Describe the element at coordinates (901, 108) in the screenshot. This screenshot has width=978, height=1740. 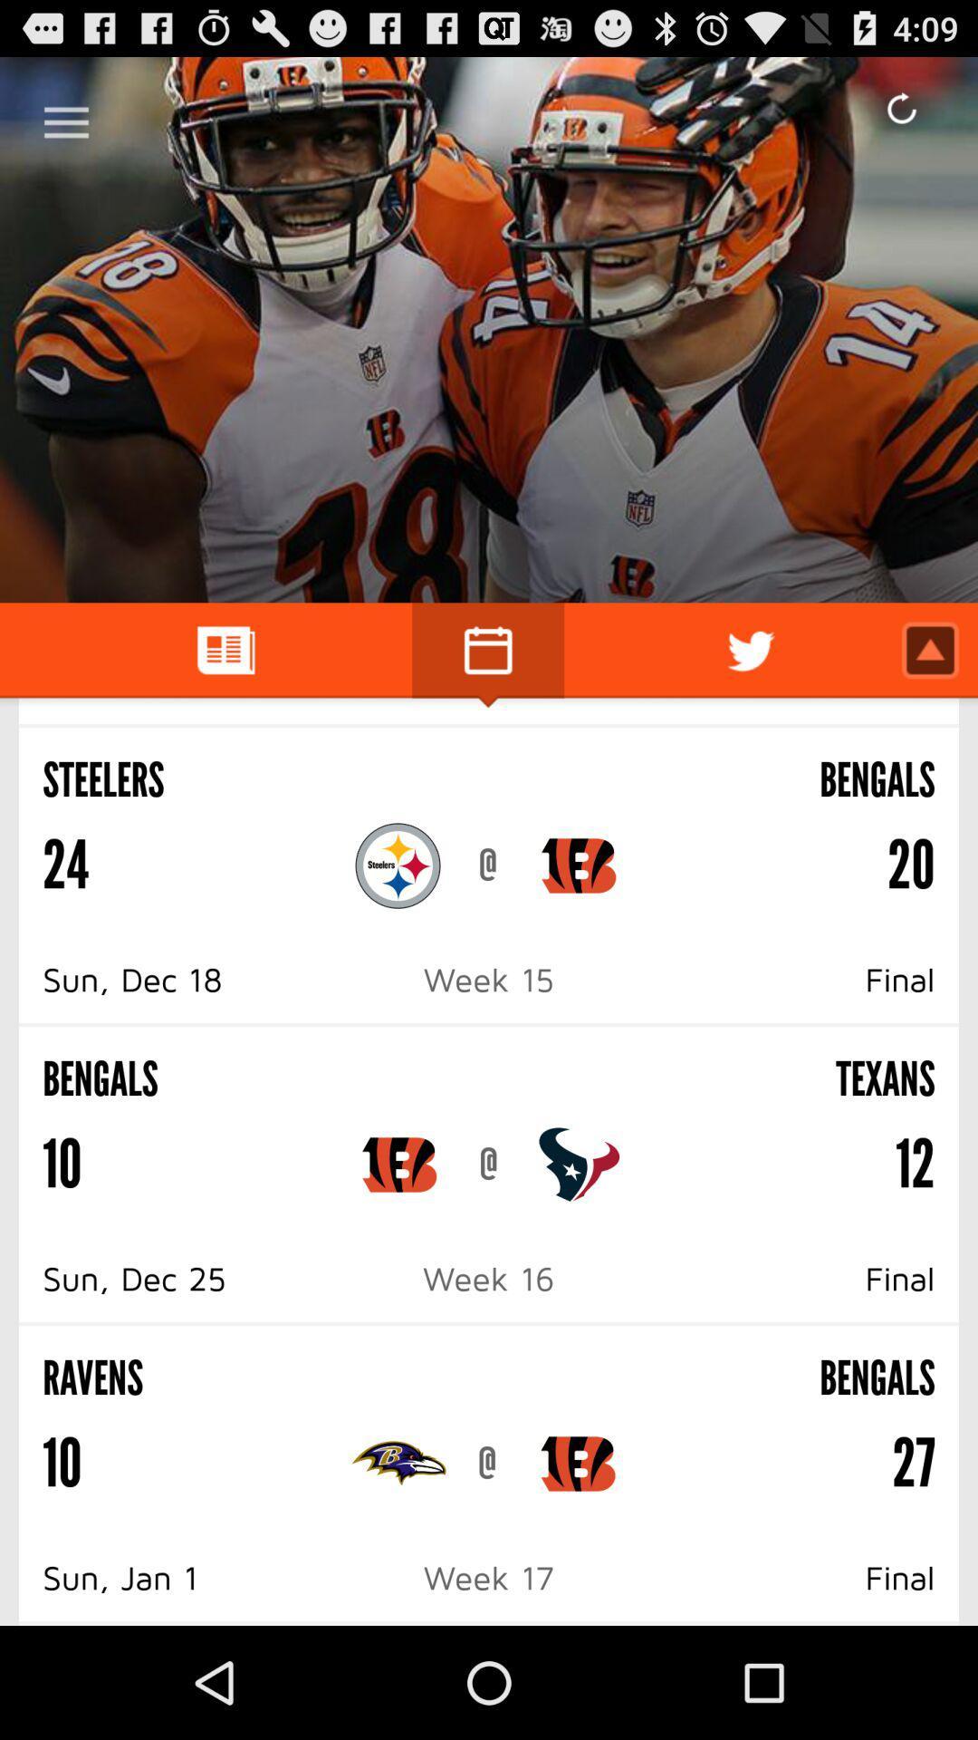
I see `the button which is on the top right side of the page` at that location.